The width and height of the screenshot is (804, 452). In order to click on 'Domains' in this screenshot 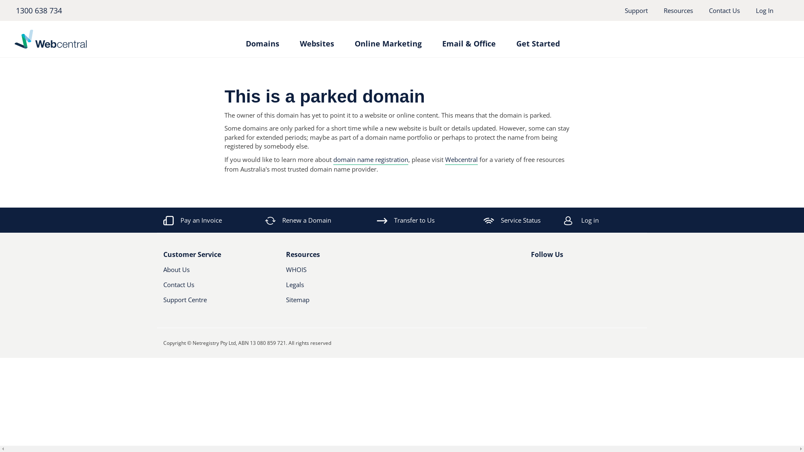, I will do `click(261, 39)`.